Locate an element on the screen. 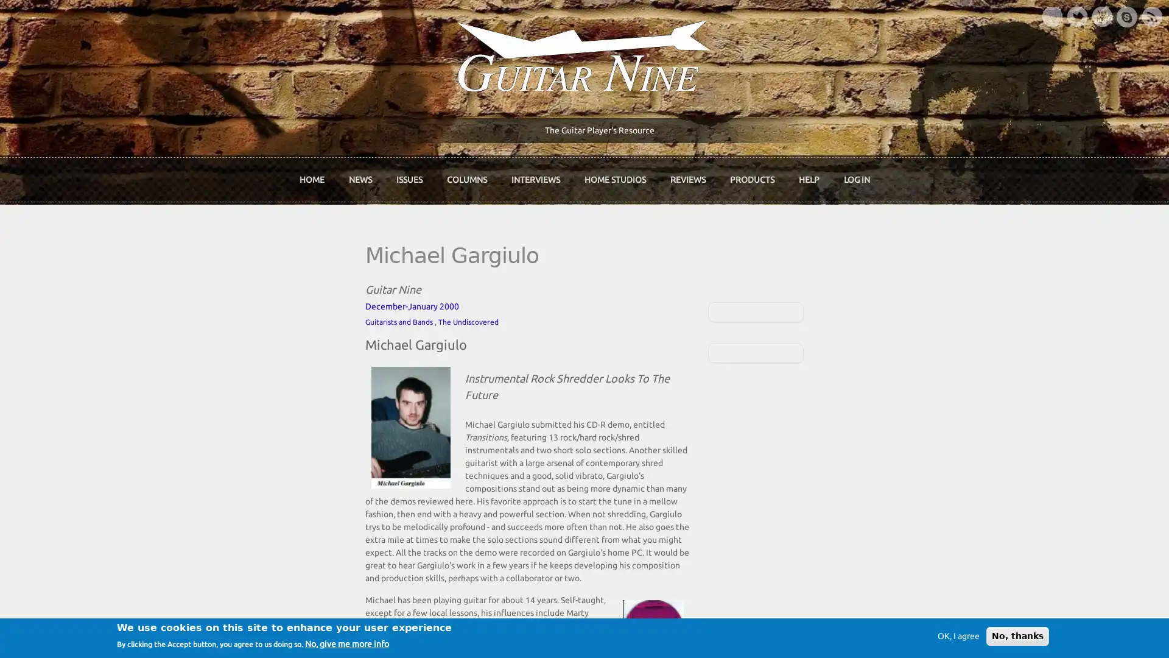 The width and height of the screenshot is (1169, 658). No, thanks is located at coordinates (1017, 635).